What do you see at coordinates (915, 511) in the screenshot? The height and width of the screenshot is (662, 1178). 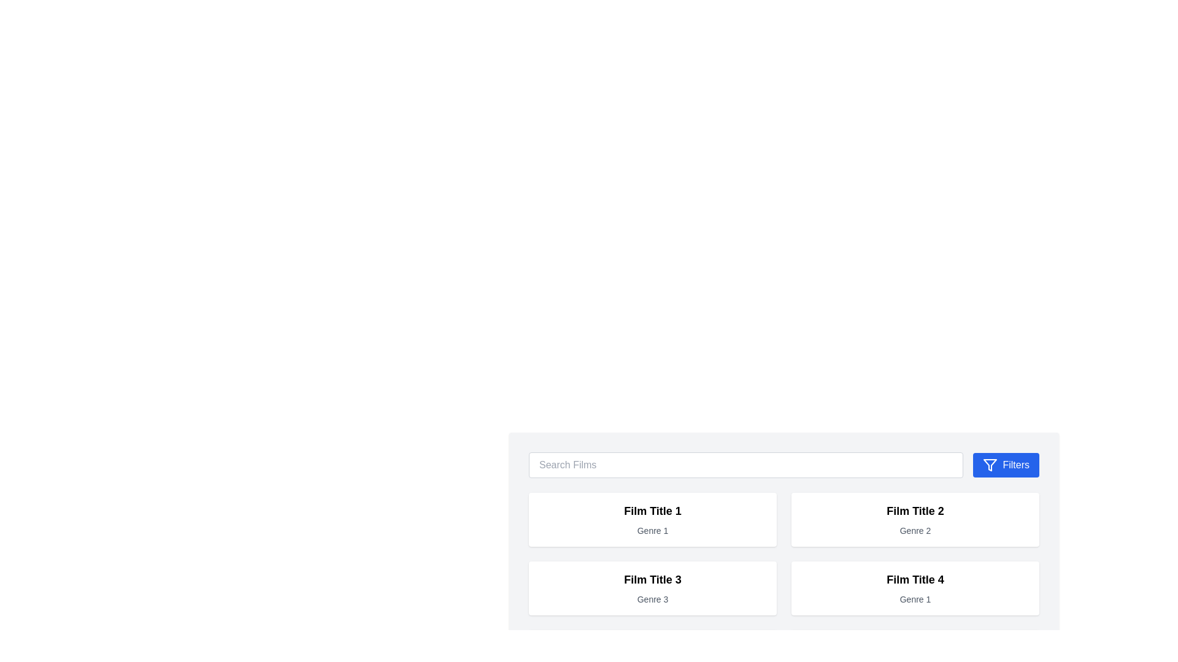 I see `the title Text label located in the top-right quadrant of the grid layout, which serves as the primary identifier for the card's content` at bounding box center [915, 511].